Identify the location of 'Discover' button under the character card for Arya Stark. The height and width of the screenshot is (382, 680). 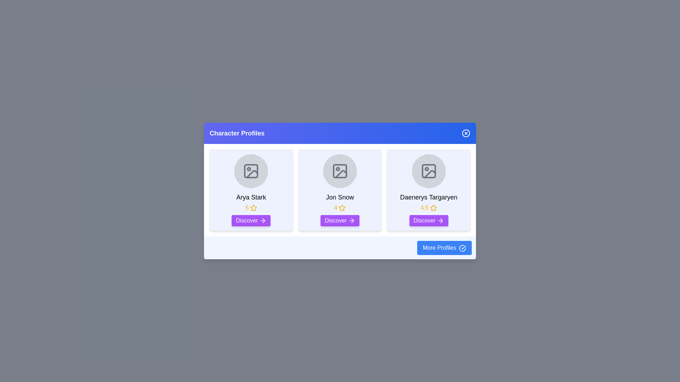
(251, 220).